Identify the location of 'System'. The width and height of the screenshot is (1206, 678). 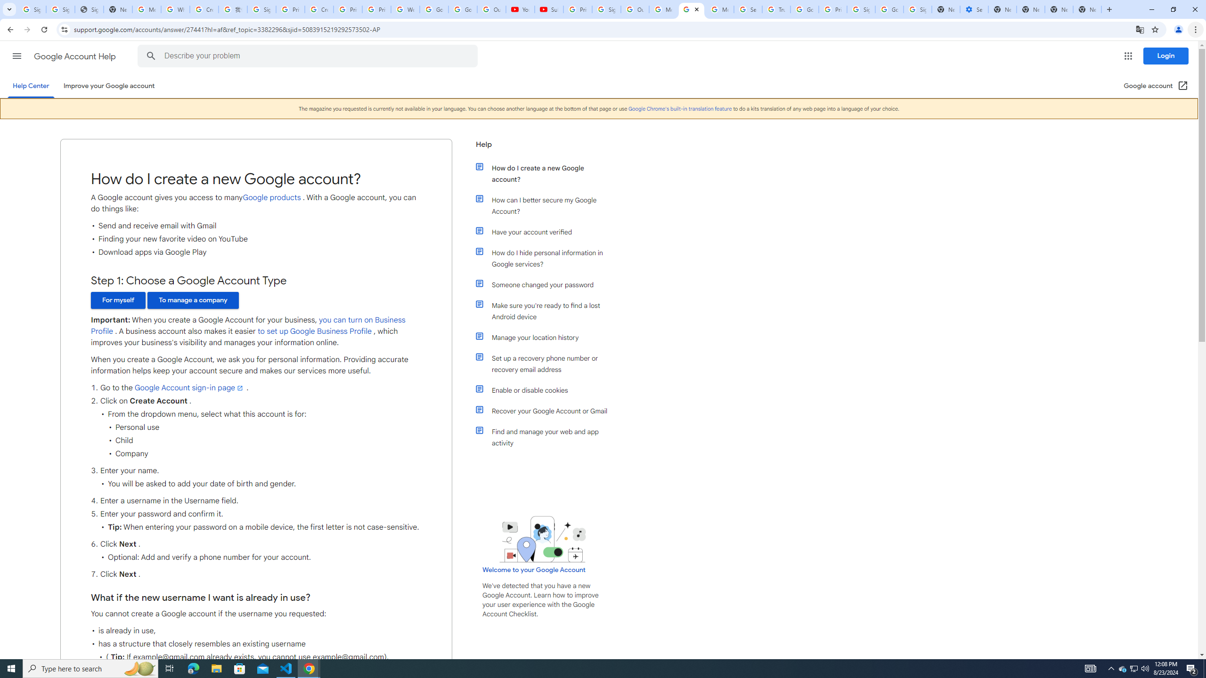
(5, 4).